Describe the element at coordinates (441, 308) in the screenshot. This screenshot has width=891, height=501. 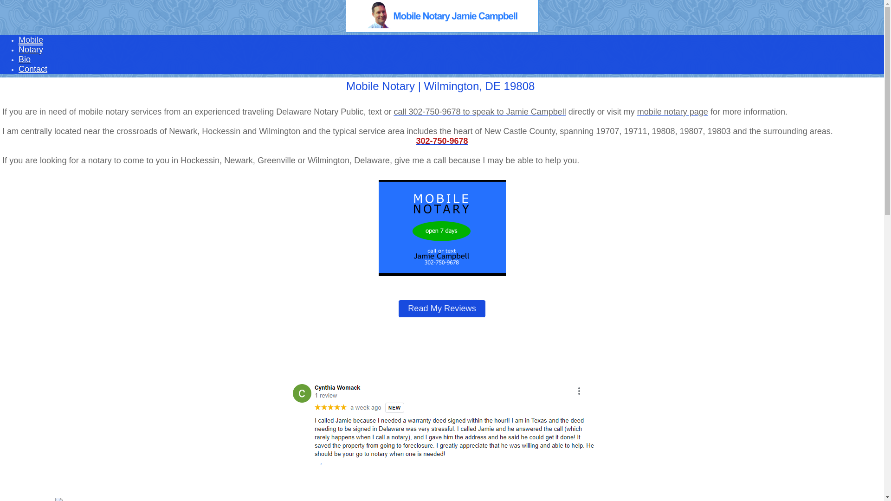
I see `'Read My Reviews'` at that location.